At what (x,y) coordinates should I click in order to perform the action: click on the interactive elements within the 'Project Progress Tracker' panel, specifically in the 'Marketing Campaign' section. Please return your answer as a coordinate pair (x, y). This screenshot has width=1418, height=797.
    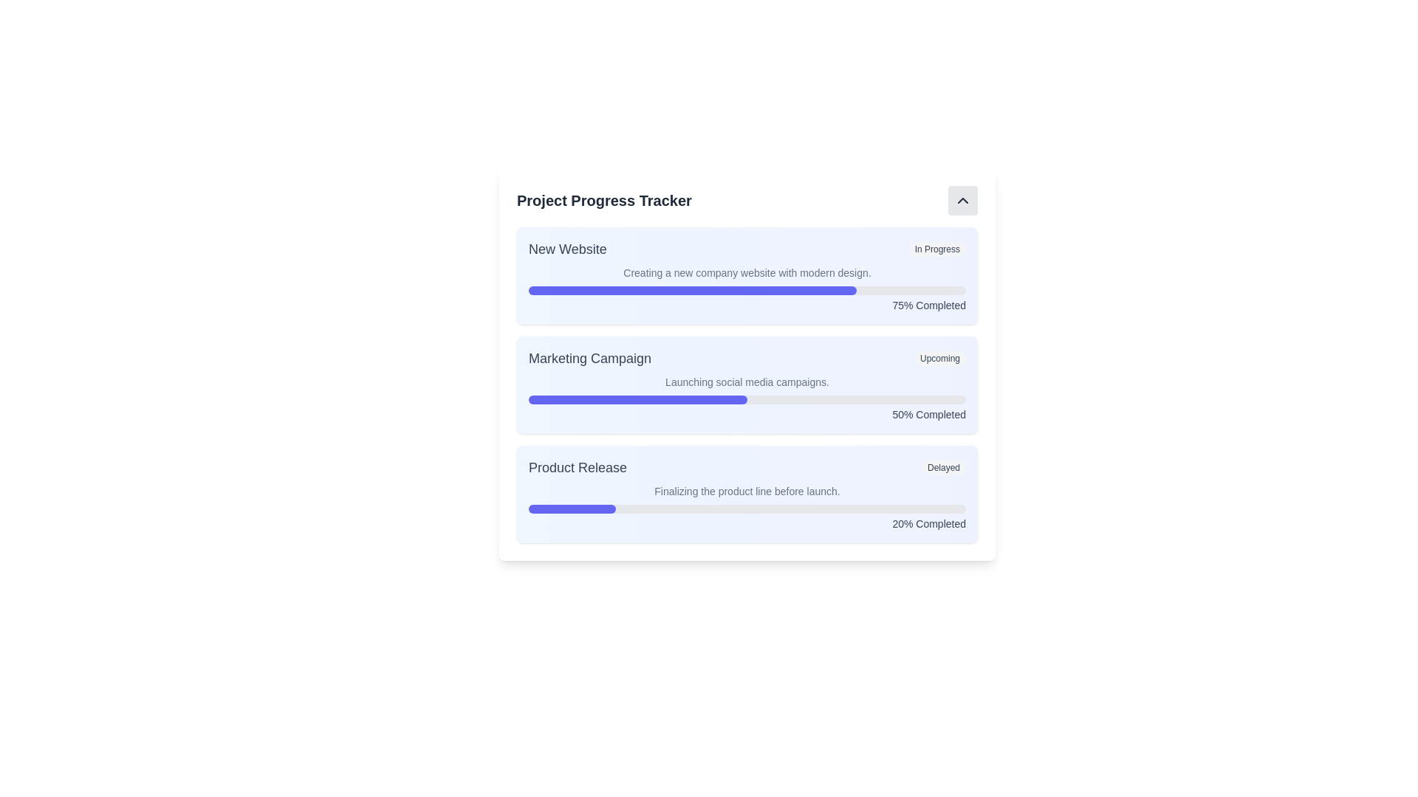
    Looking at the image, I should click on (747, 364).